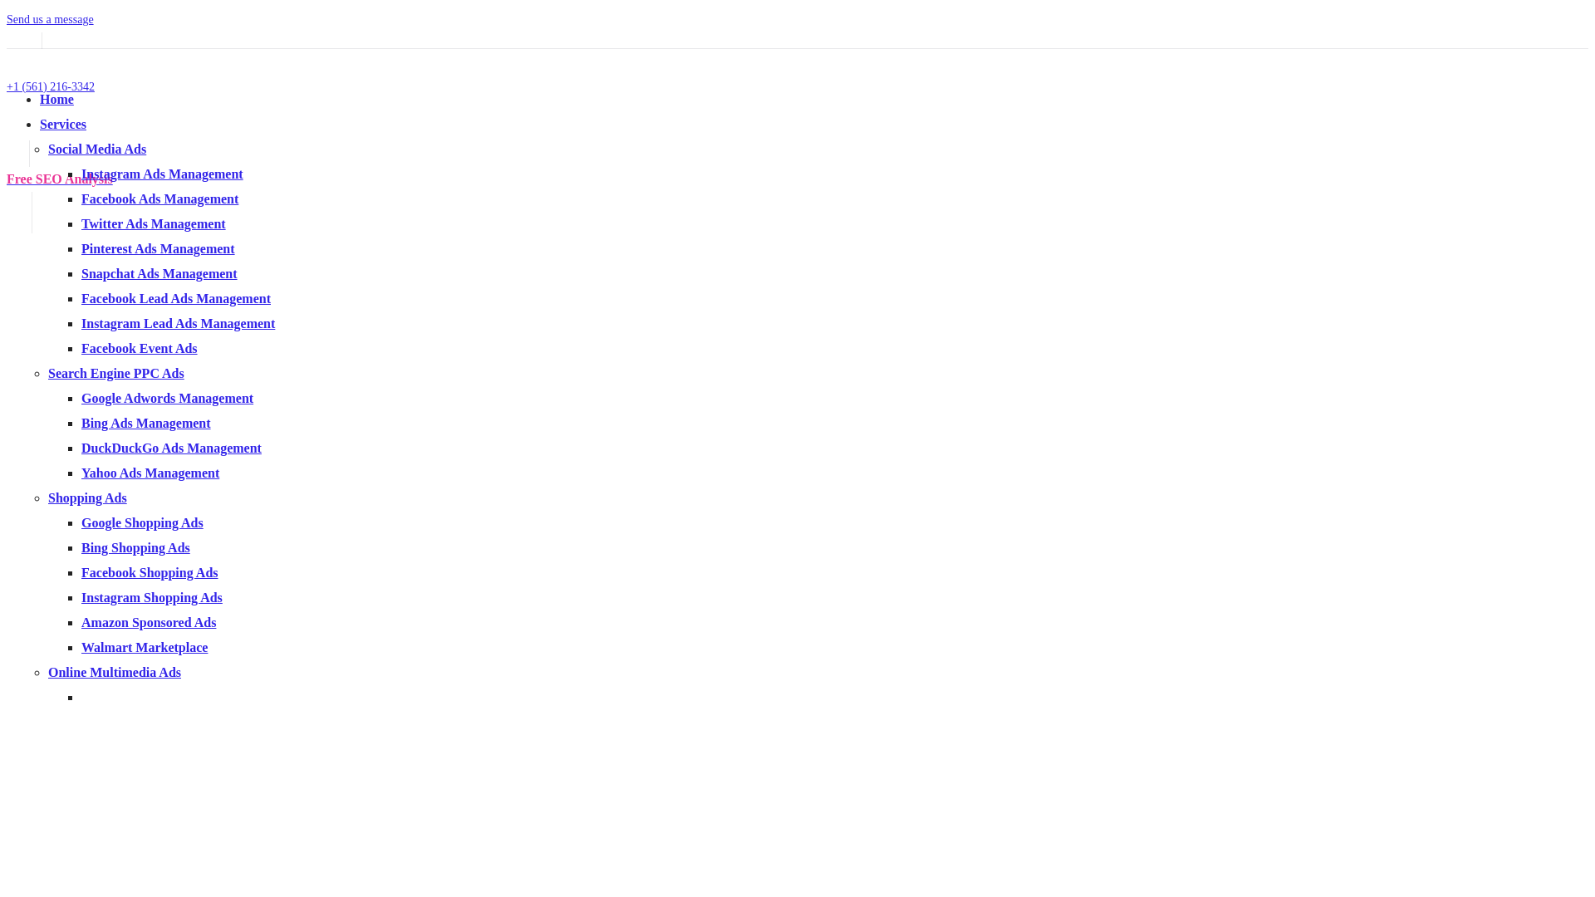  What do you see at coordinates (135, 547) in the screenshot?
I see `'Bing Shopping Ads'` at bounding box center [135, 547].